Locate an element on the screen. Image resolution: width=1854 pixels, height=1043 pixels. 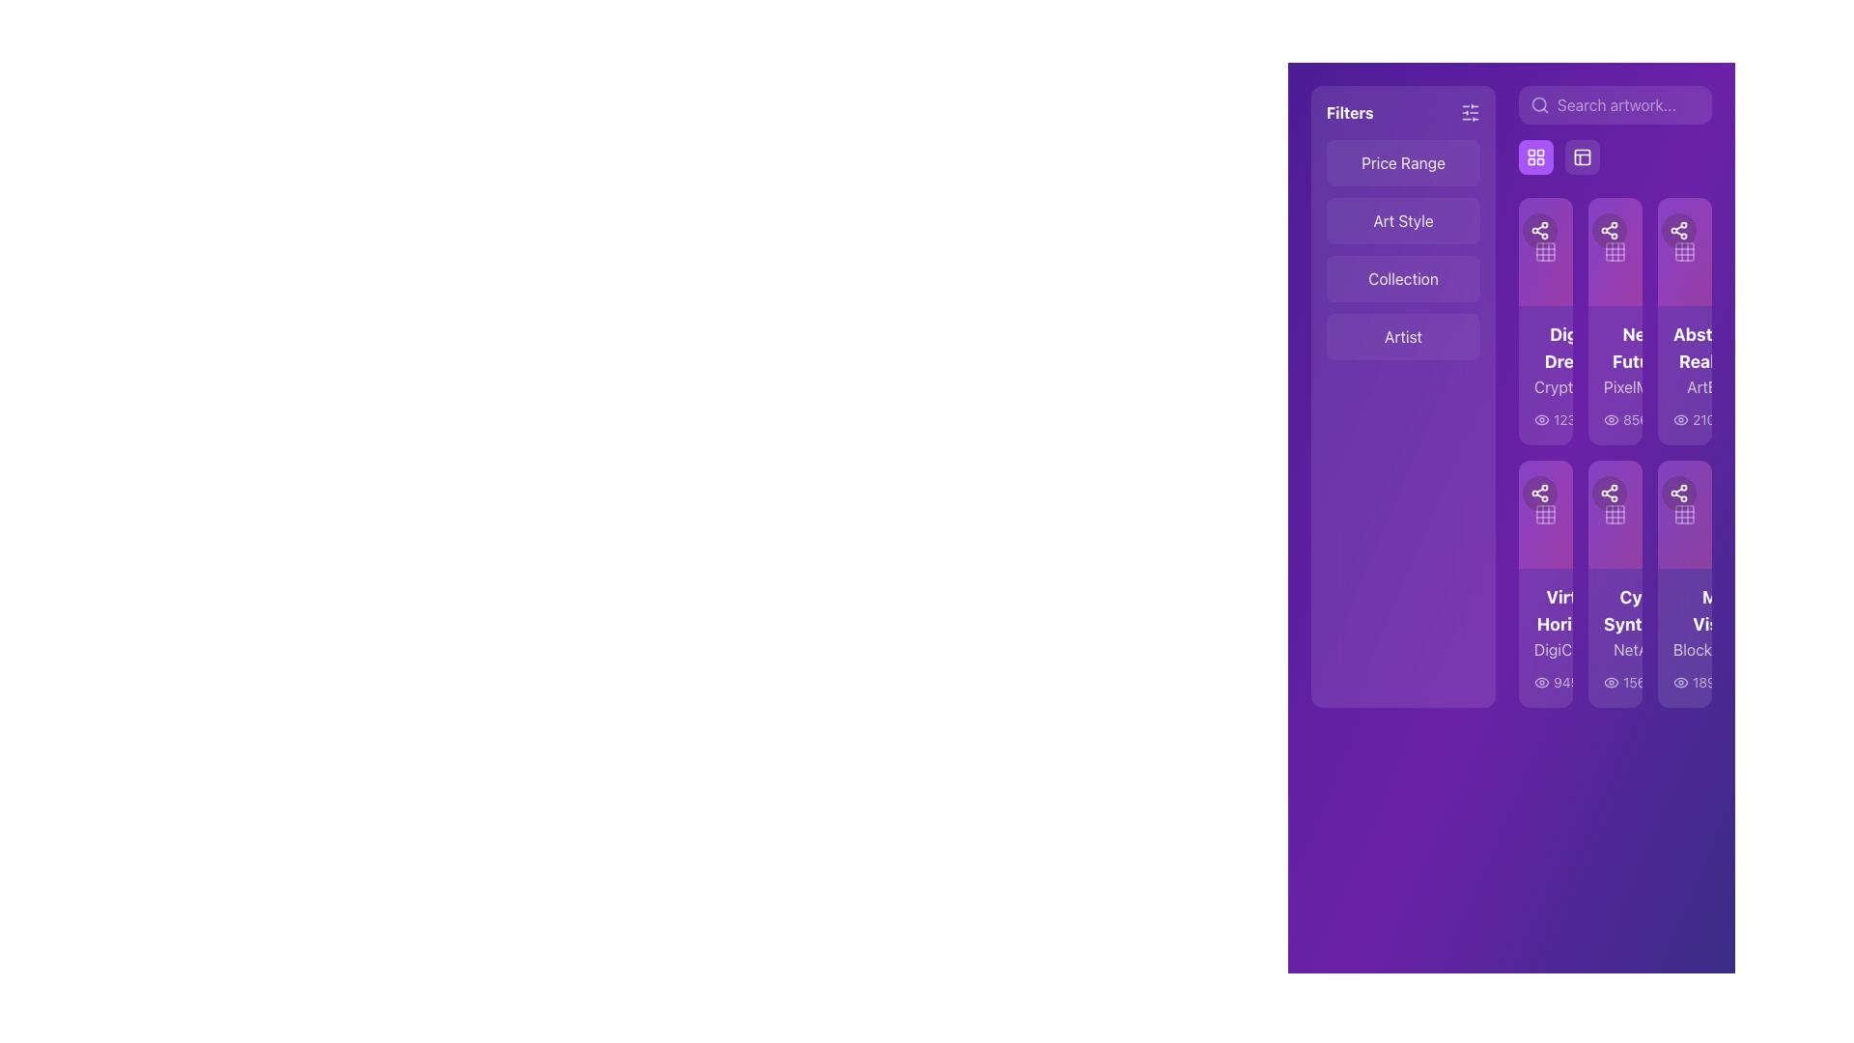
the circular button with a dark semi-transparent background and a white heart icon is located at coordinates (1635, 492).